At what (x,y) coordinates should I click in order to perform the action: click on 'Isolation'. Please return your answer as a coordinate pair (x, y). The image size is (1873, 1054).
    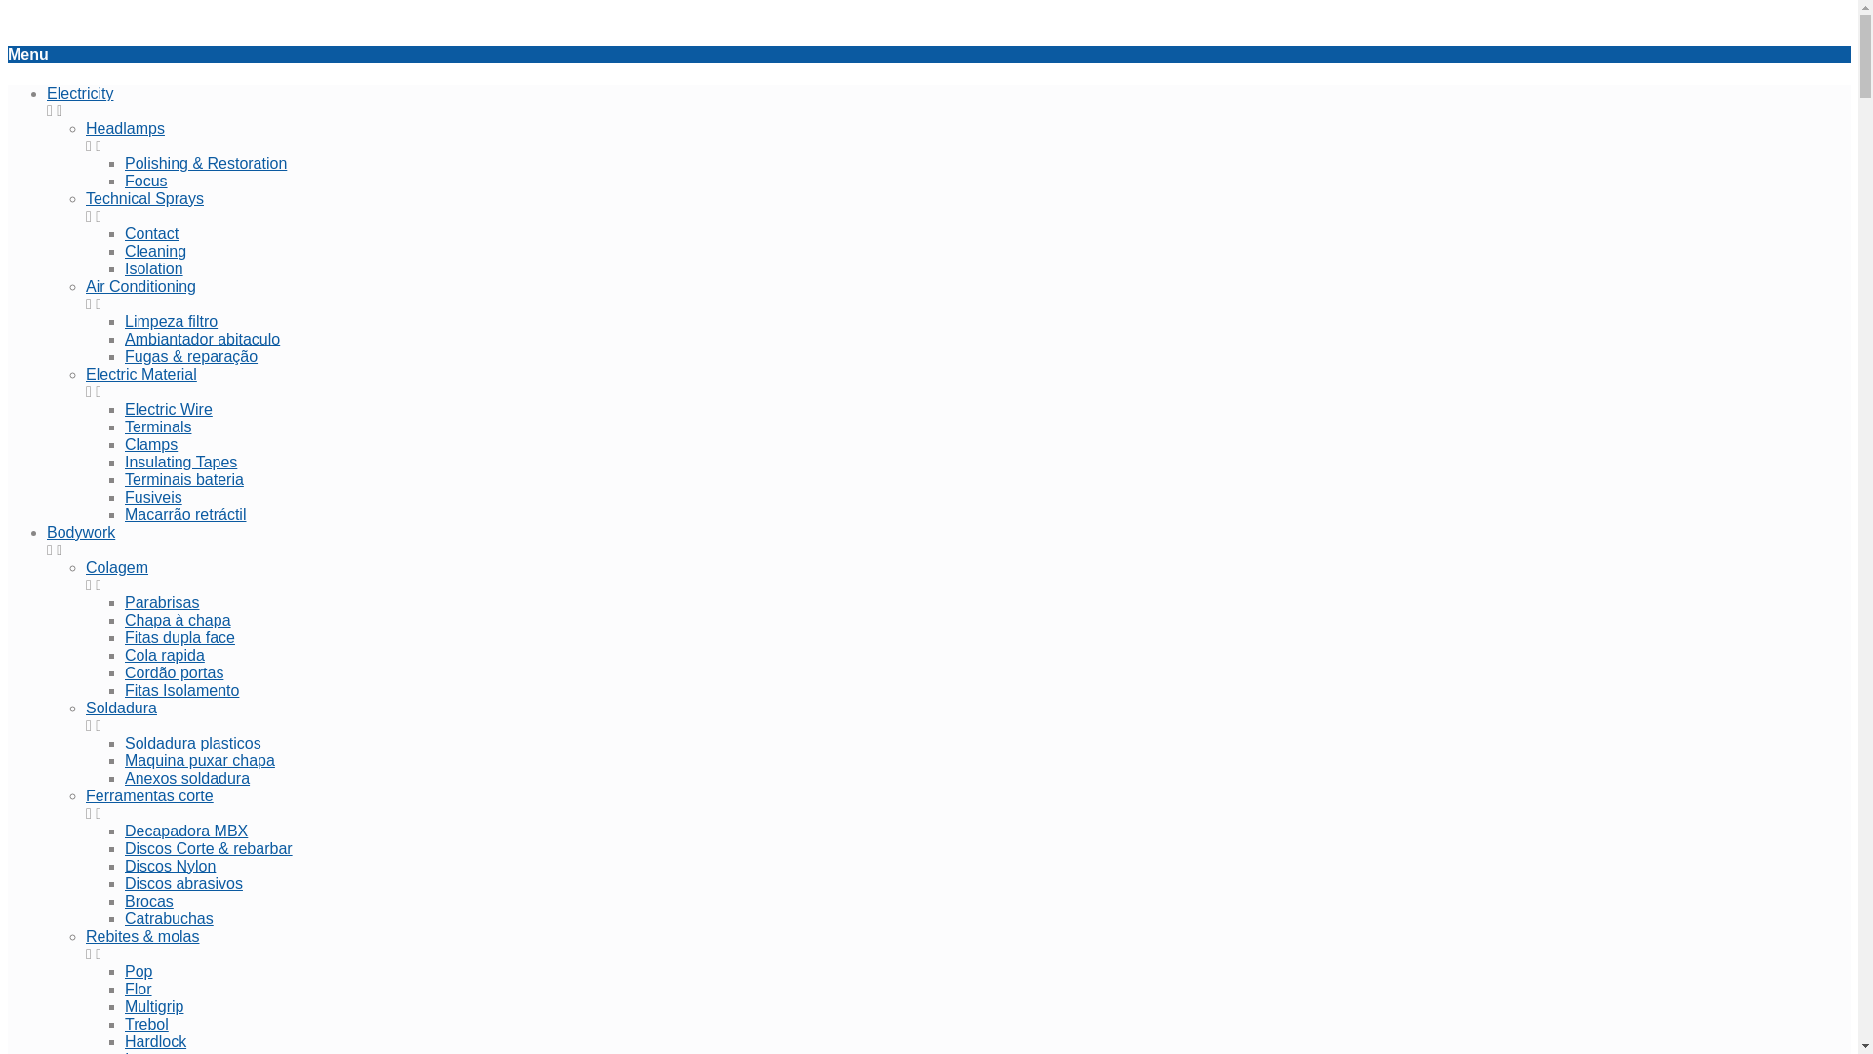
    Looking at the image, I should click on (124, 268).